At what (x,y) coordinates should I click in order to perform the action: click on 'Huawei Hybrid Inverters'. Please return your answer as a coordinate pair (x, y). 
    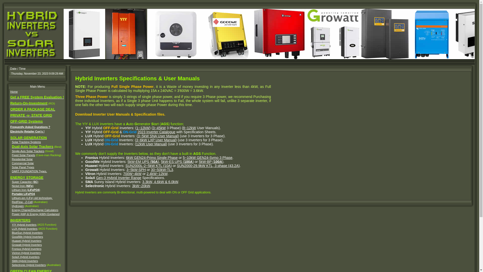
    Looking at the image, I should click on (26, 241).